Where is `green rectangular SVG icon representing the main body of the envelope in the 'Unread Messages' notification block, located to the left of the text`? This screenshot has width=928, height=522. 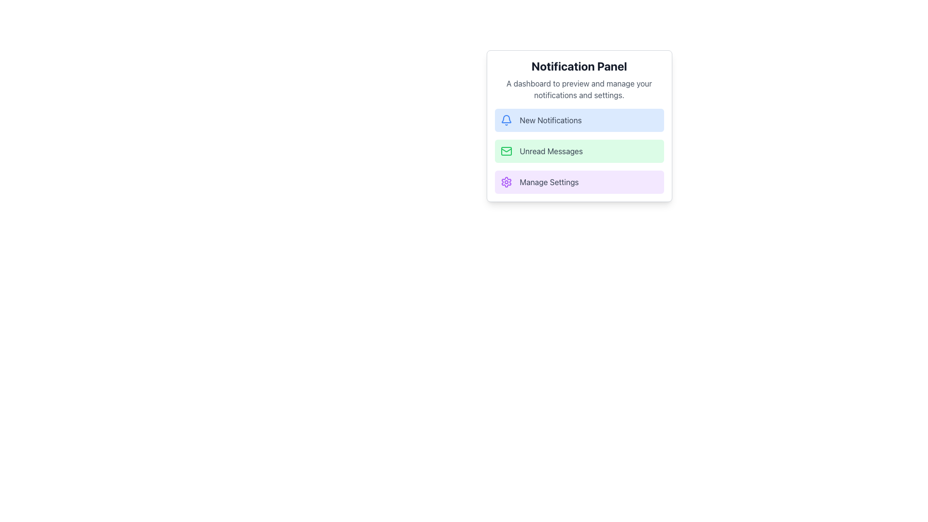
green rectangular SVG icon representing the main body of the envelope in the 'Unread Messages' notification block, located to the left of the text is located at coordinates (506, 151).